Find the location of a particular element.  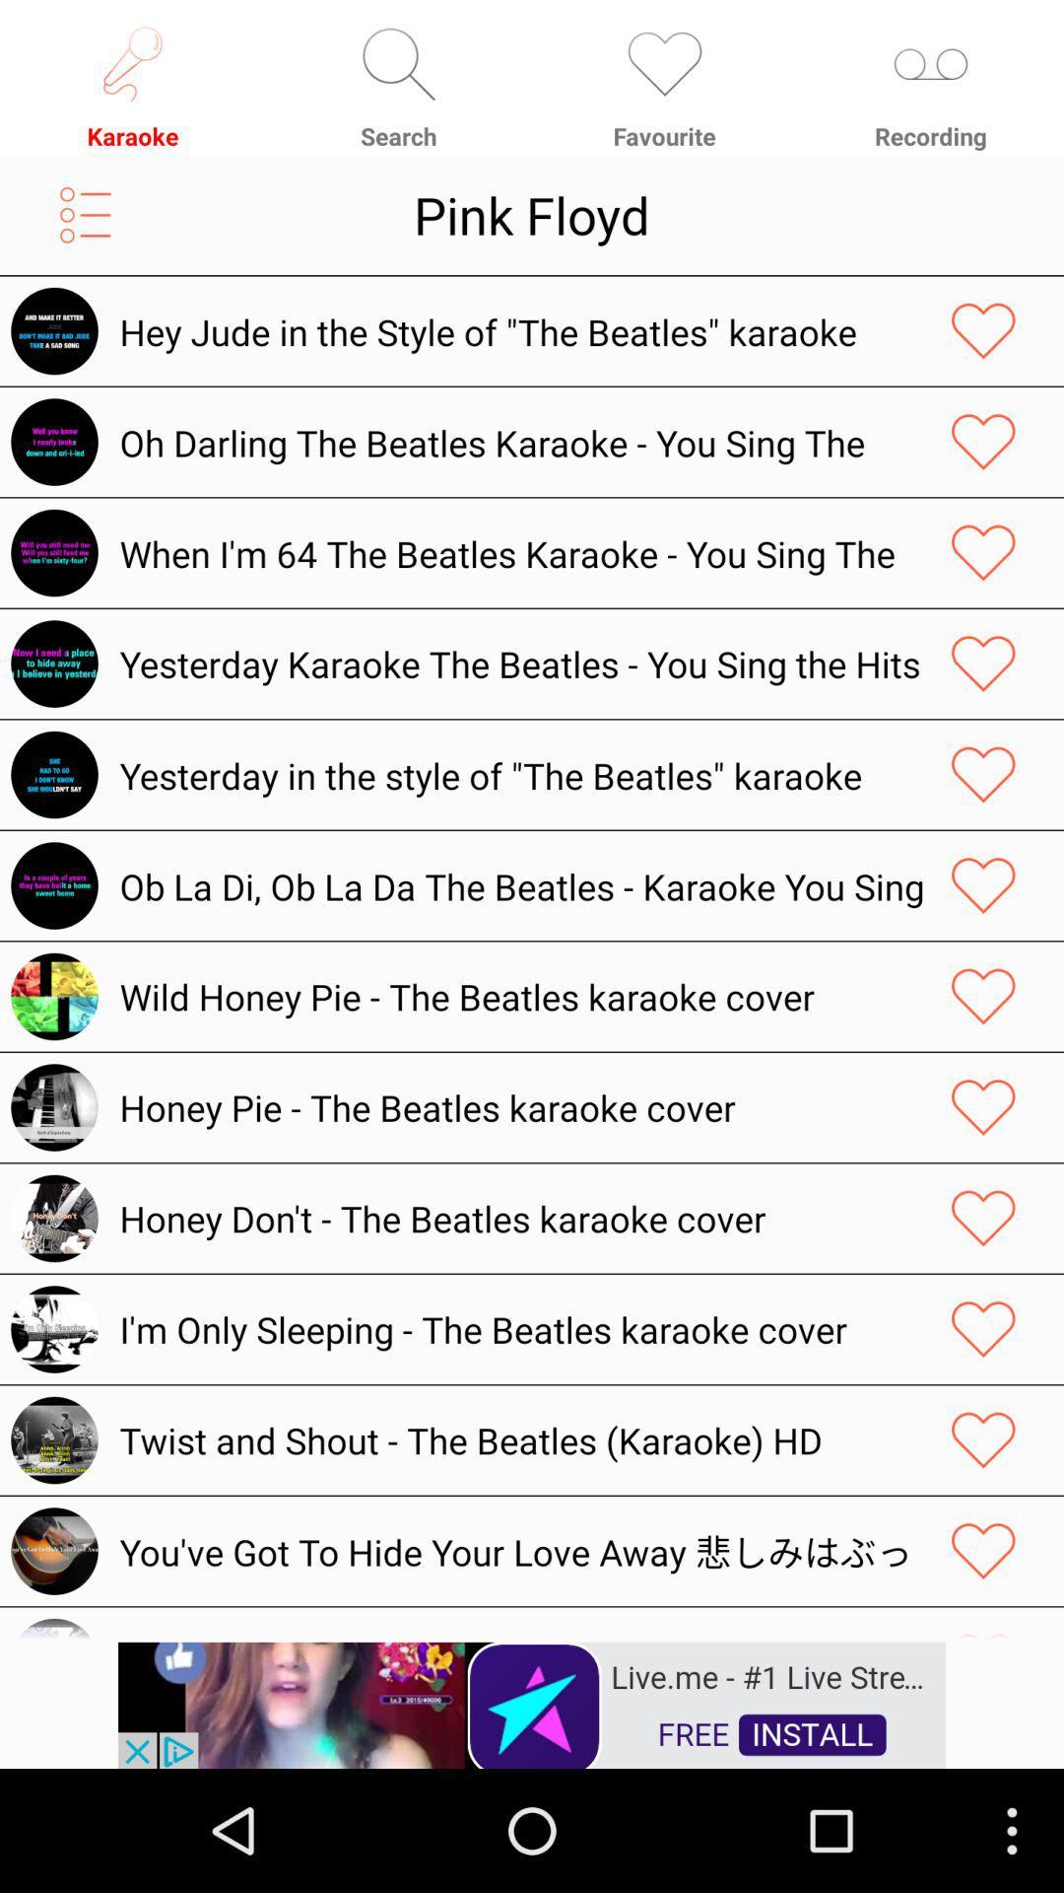

menu is located at coordinates (85, 215).